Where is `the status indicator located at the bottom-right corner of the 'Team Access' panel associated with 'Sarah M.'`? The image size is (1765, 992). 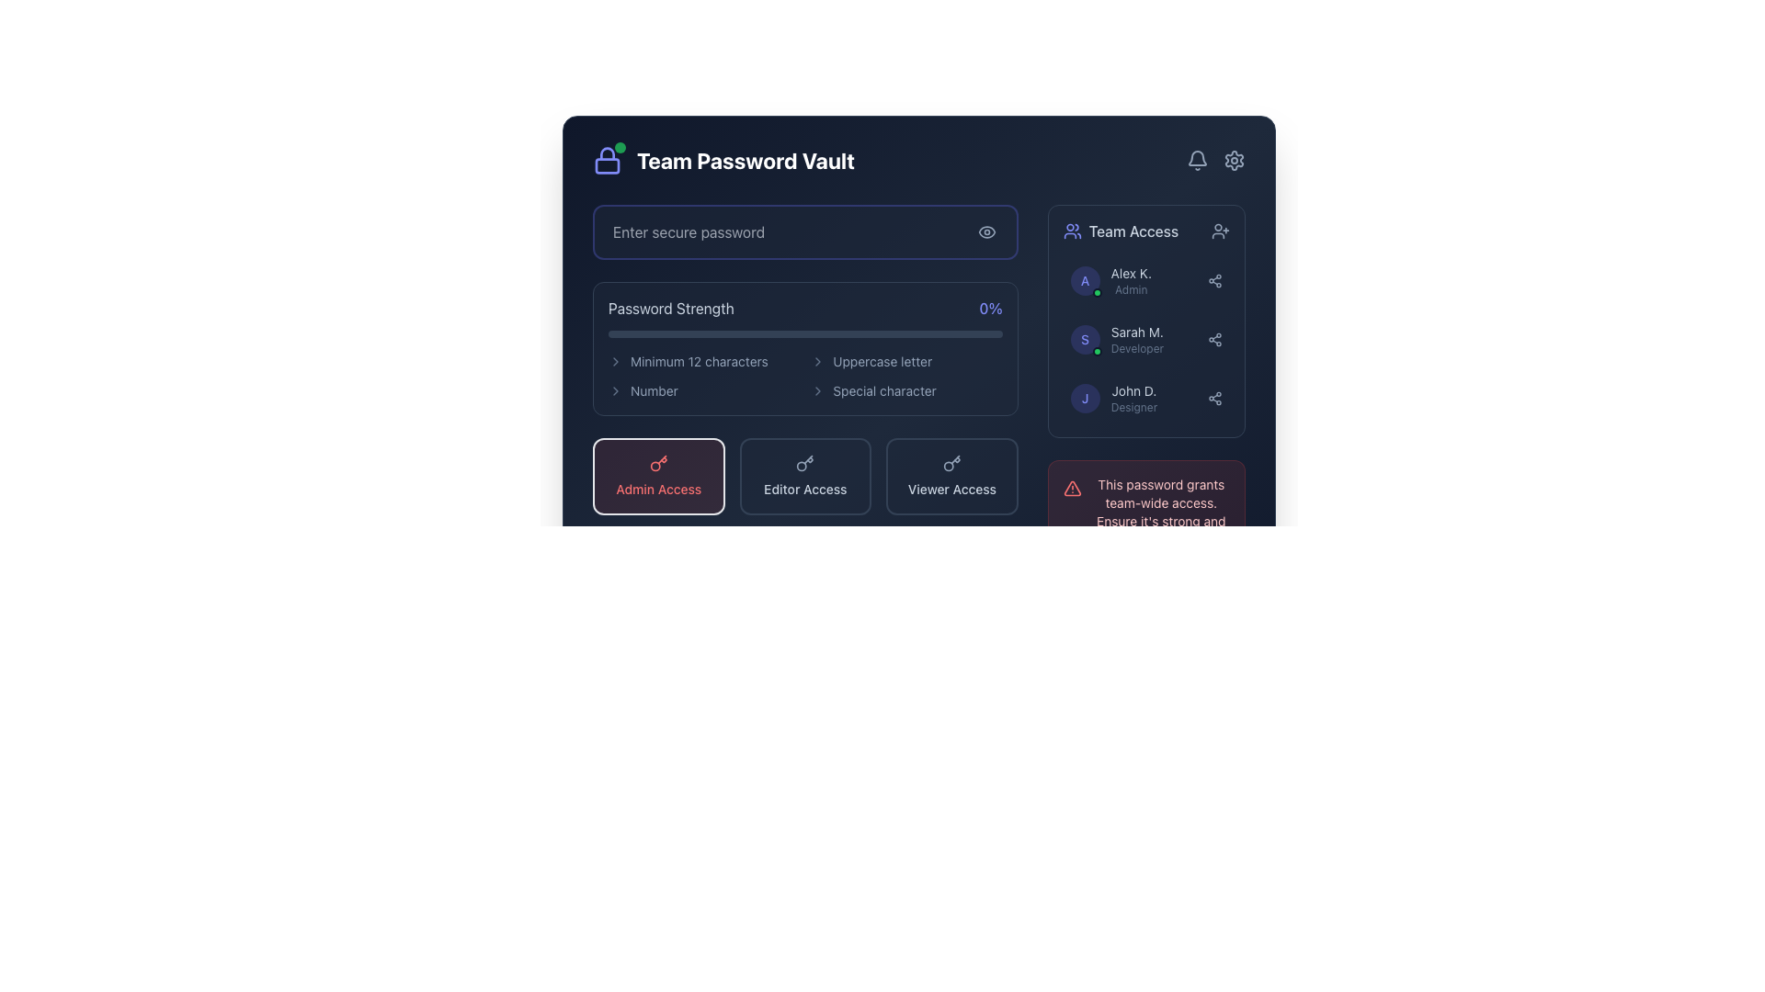
the status indicator located at the bottom-right corner of the 'Team Access' panel associated with 'Sarah M.' is located at coordinates (1097, 351).